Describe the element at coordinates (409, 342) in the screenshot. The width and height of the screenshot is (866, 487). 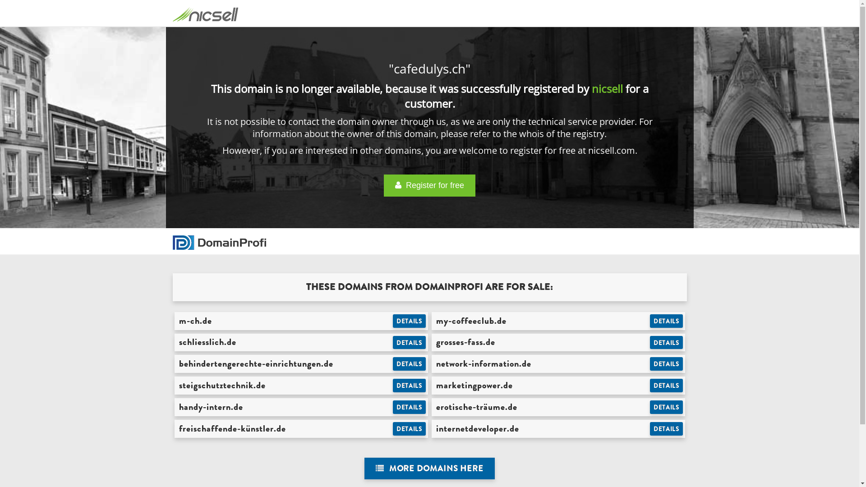
I see `'DETAILS'` at that location.